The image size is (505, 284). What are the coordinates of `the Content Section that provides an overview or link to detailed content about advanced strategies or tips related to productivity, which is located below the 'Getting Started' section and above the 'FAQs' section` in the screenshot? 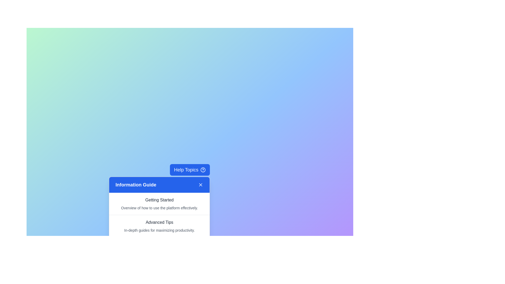 It's located at (159, 226).